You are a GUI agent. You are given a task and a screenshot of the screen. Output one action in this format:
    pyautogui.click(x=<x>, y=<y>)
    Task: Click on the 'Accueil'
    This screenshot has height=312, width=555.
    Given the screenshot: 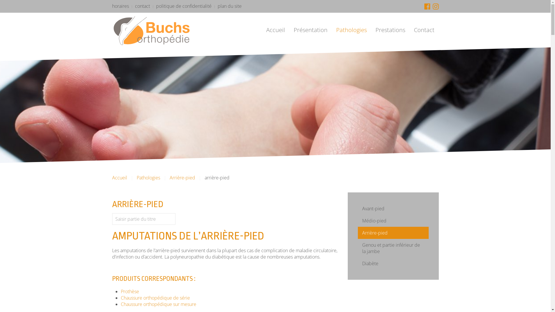 What is the action you would take?
    pyautogui.click(x=119, y=177)
    